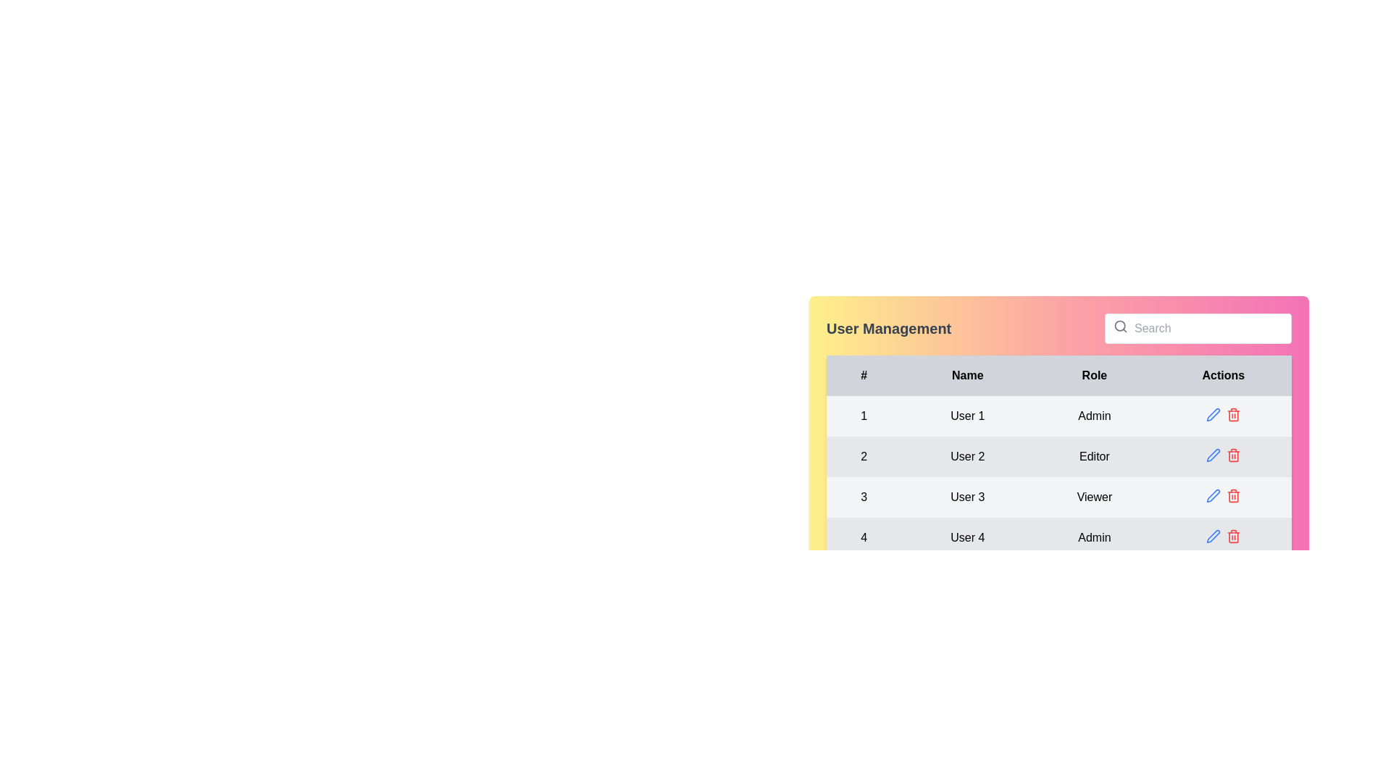 The image size is (1391, 782). Describe the element at coordinates (1094, 375) in the screenshot. I see `the text label that displays 'Role', which is the third header in a table row with a light gray background and bold black text` at that location.